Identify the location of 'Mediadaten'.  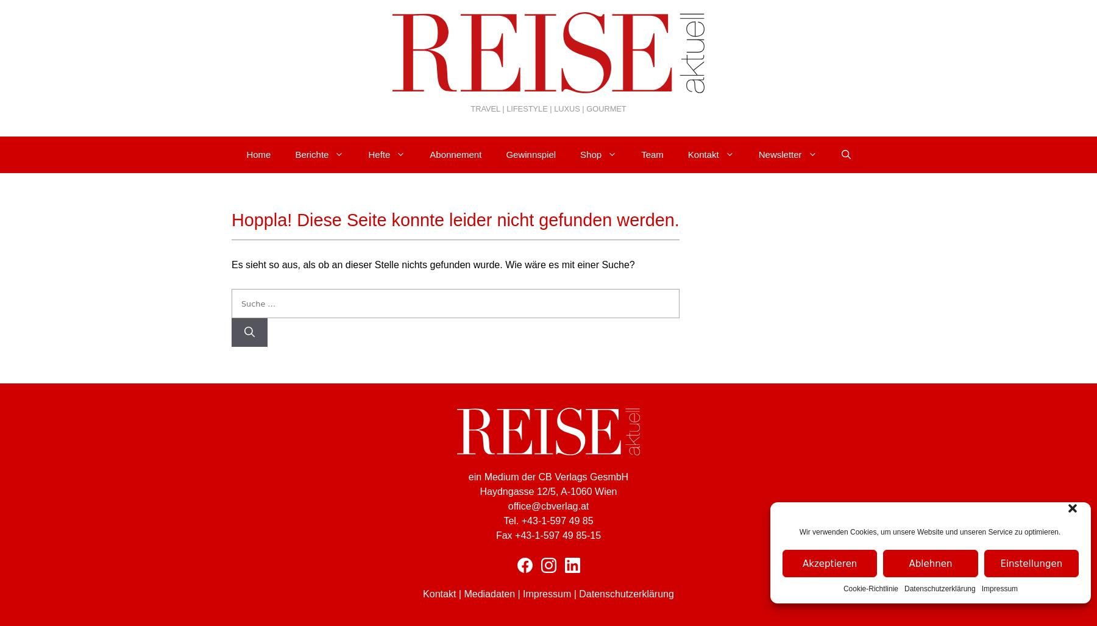
(489, 593).